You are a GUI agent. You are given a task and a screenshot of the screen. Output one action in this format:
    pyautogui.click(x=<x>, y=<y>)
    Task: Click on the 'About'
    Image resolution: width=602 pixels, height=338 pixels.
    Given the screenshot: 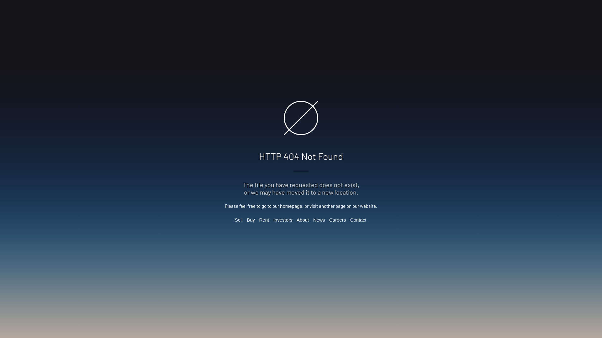 What is the action you would take?
    pyautogui.click(x=296, y=219)
    